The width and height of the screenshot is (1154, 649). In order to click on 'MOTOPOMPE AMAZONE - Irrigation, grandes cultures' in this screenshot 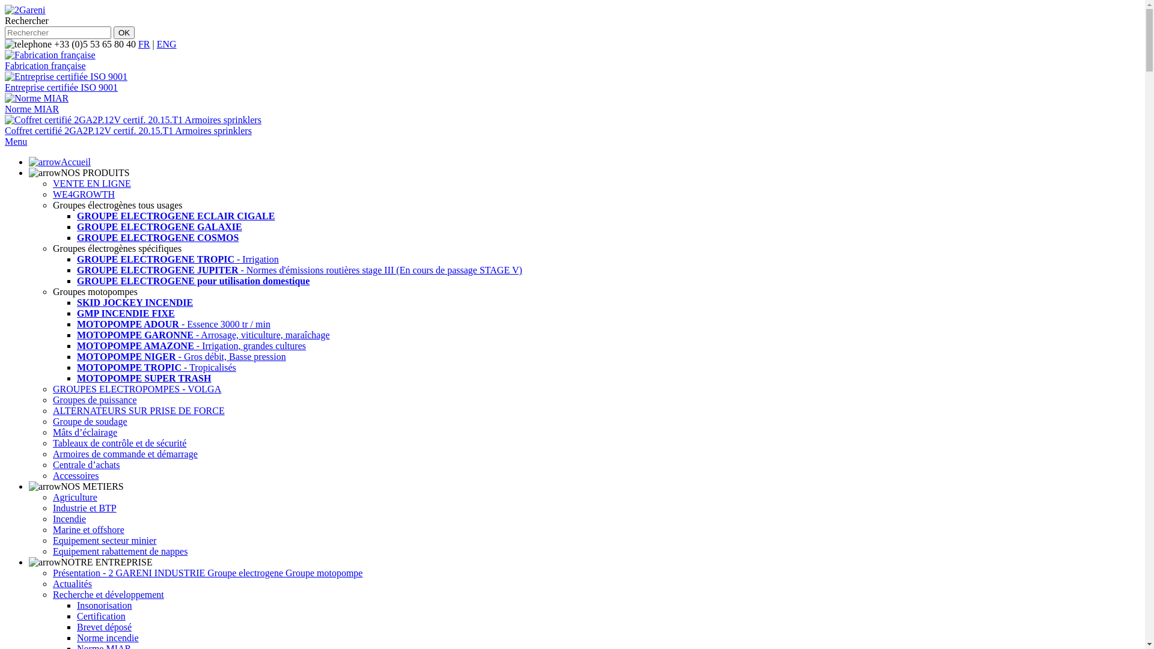, I will do `click(191, 346)`.